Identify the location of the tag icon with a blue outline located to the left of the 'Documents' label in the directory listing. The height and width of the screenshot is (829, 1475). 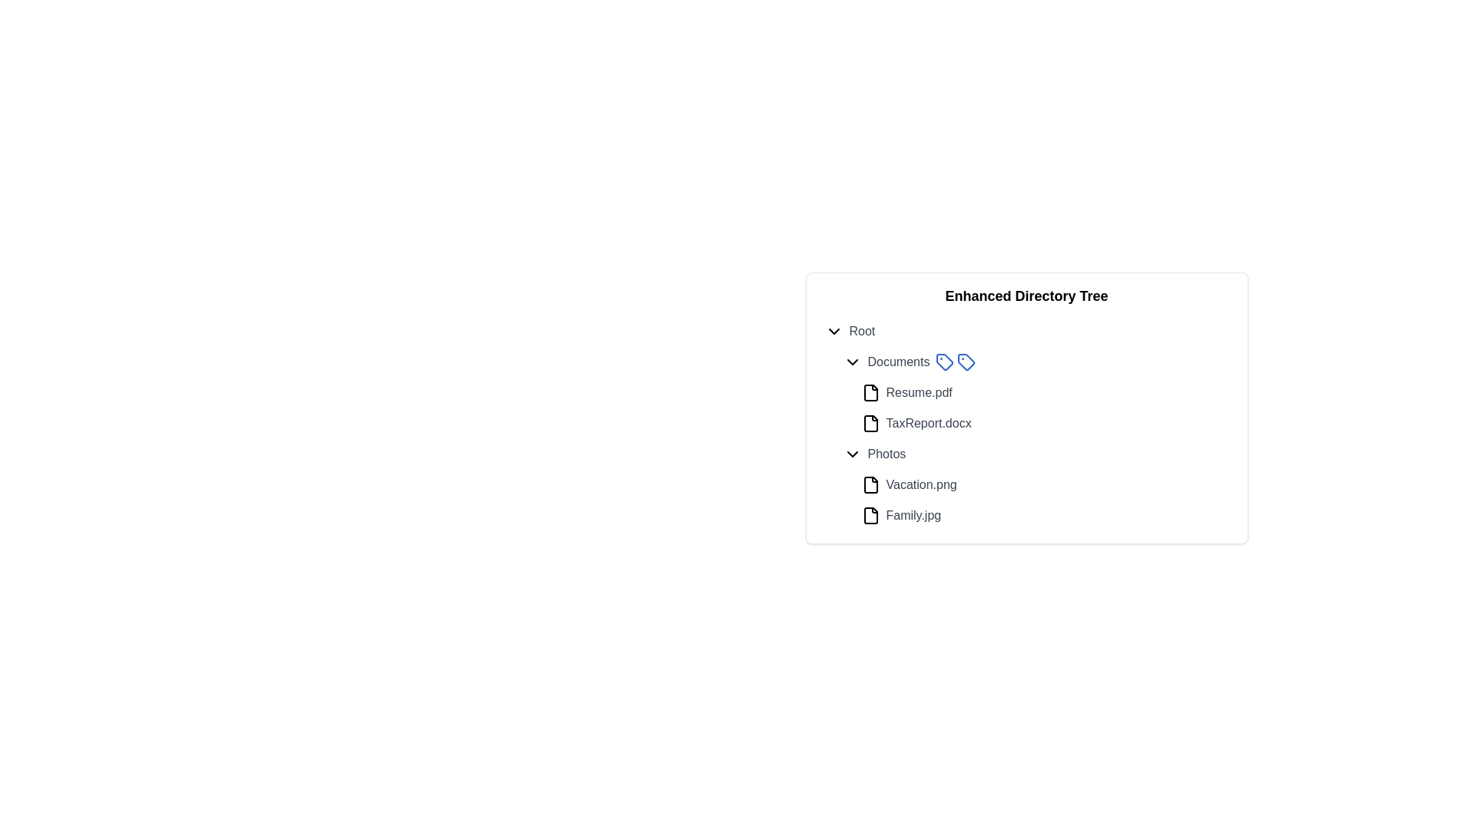
(965, 362).